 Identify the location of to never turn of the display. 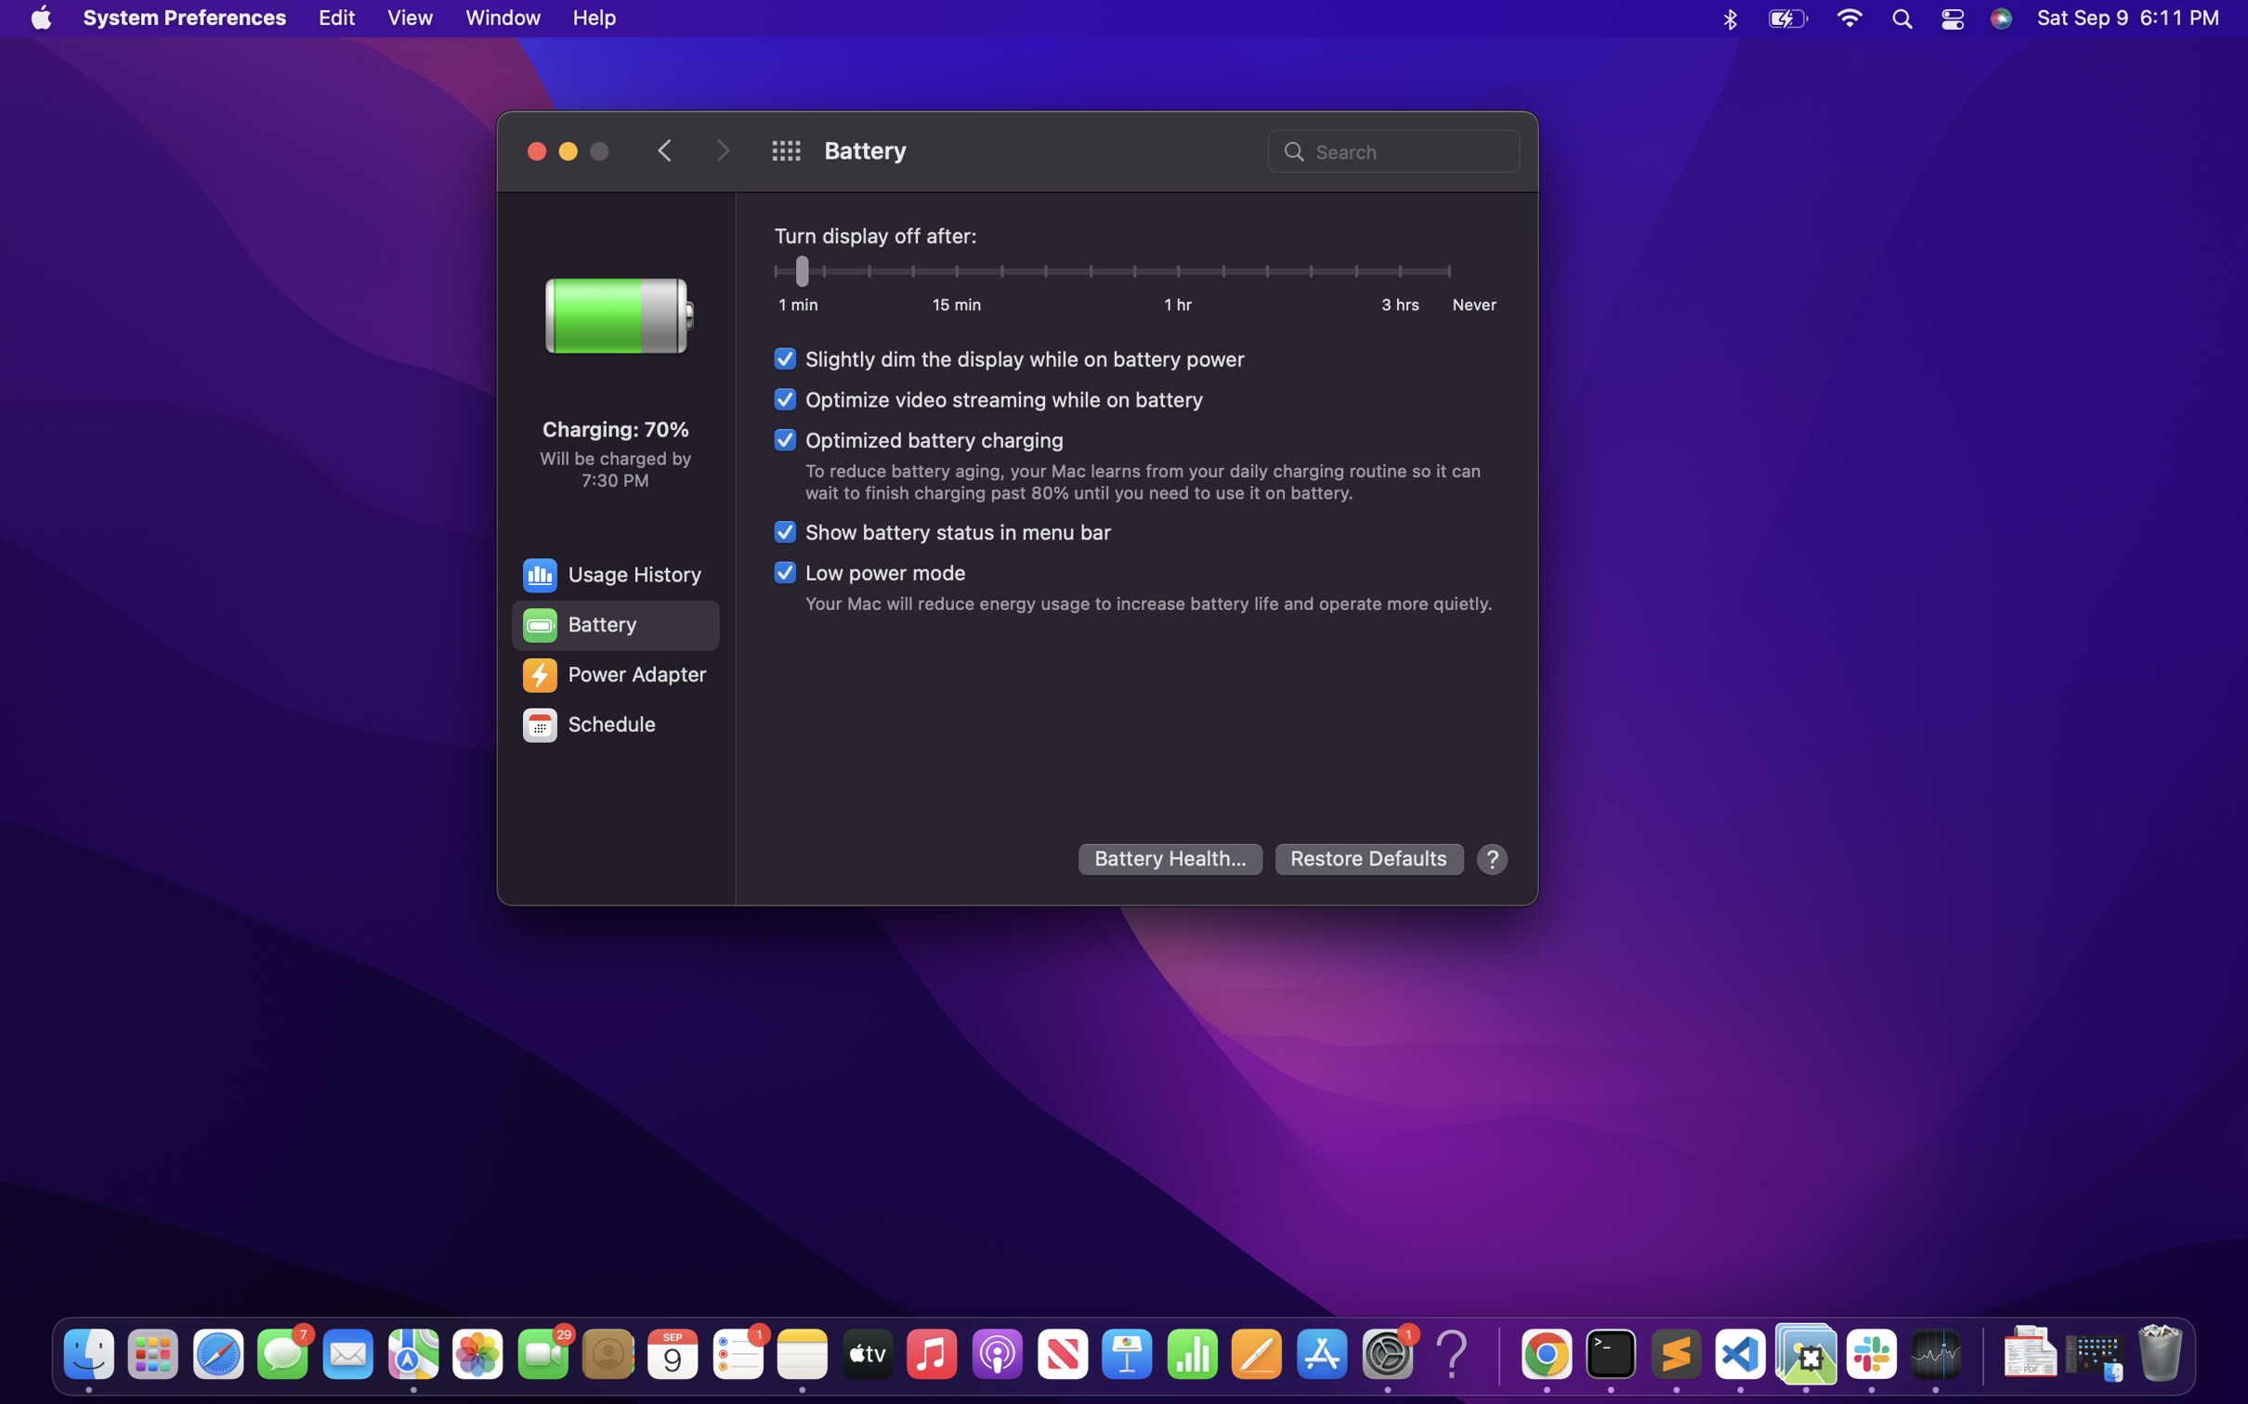
(1449, 266).